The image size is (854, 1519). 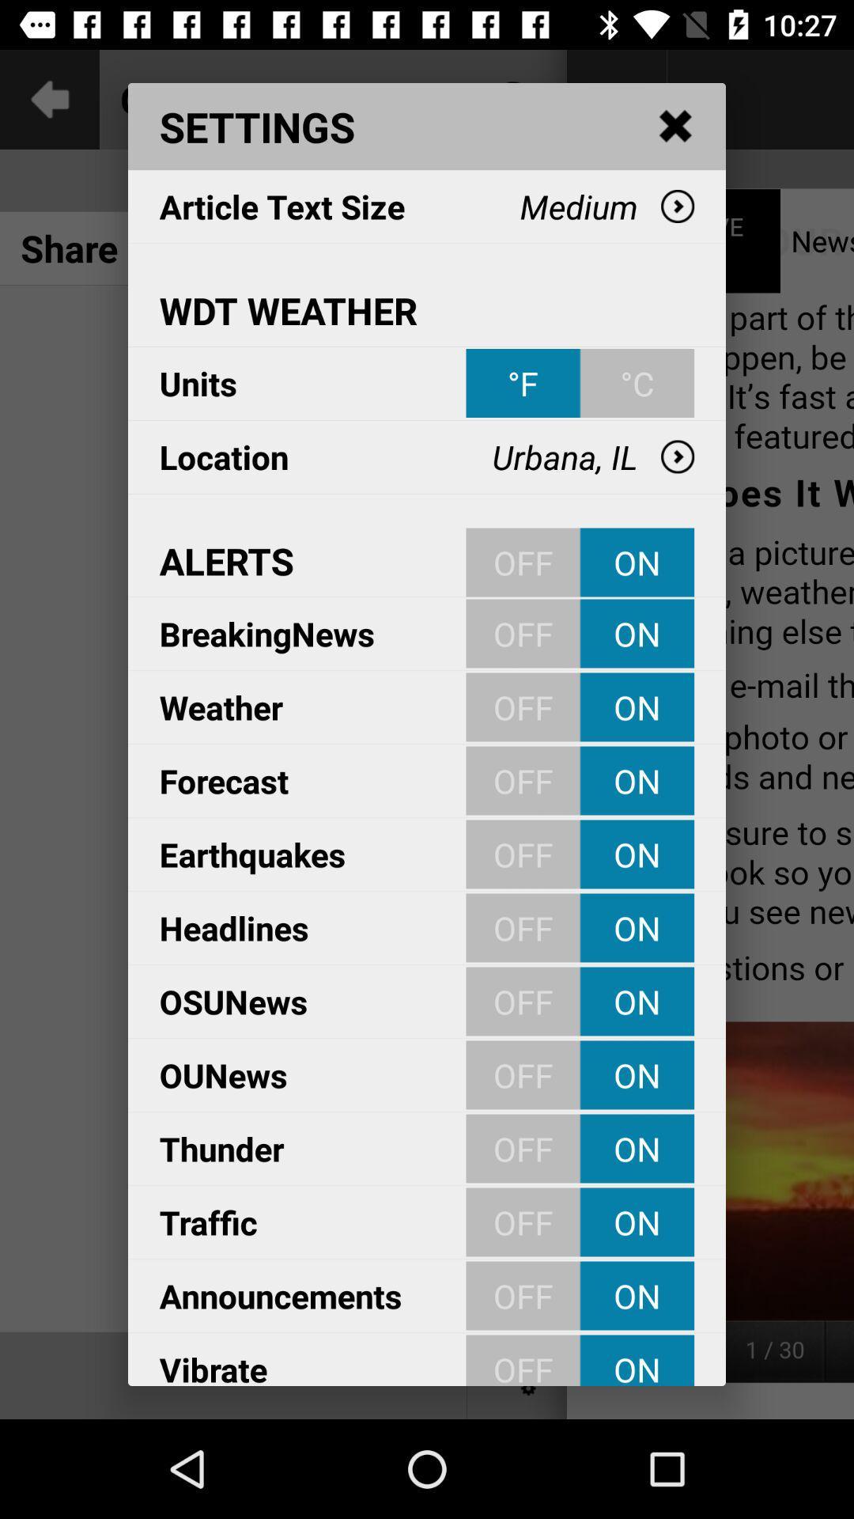 What do you see at coordinates (676, 127) in the screenshot?
I see `close button` at bounding box center [676, 127].